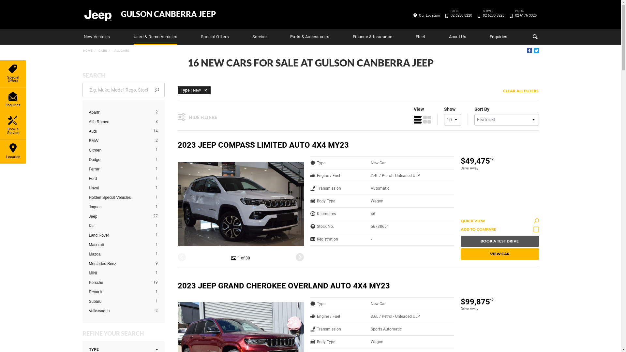  I want to click on 'QUICK VIEW', so click(499, 221).